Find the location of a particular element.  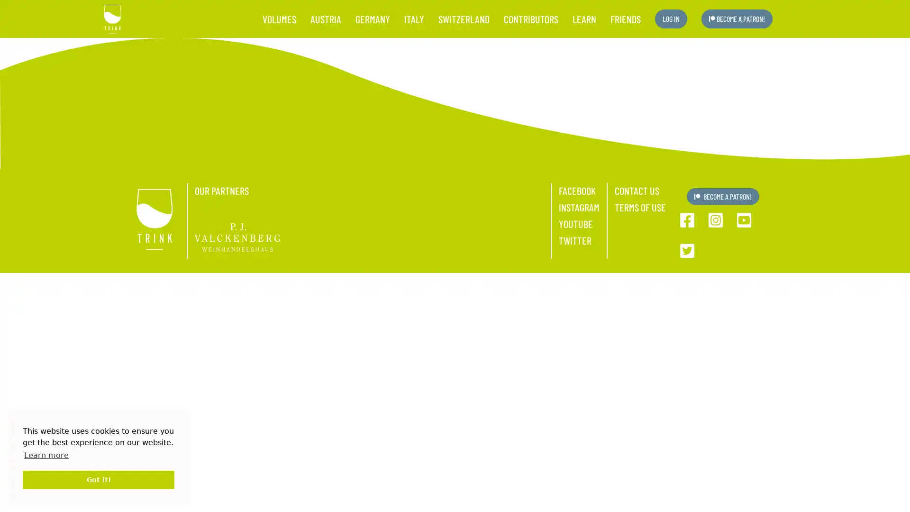

learn more about cookies is located at coordinates (45, 455).